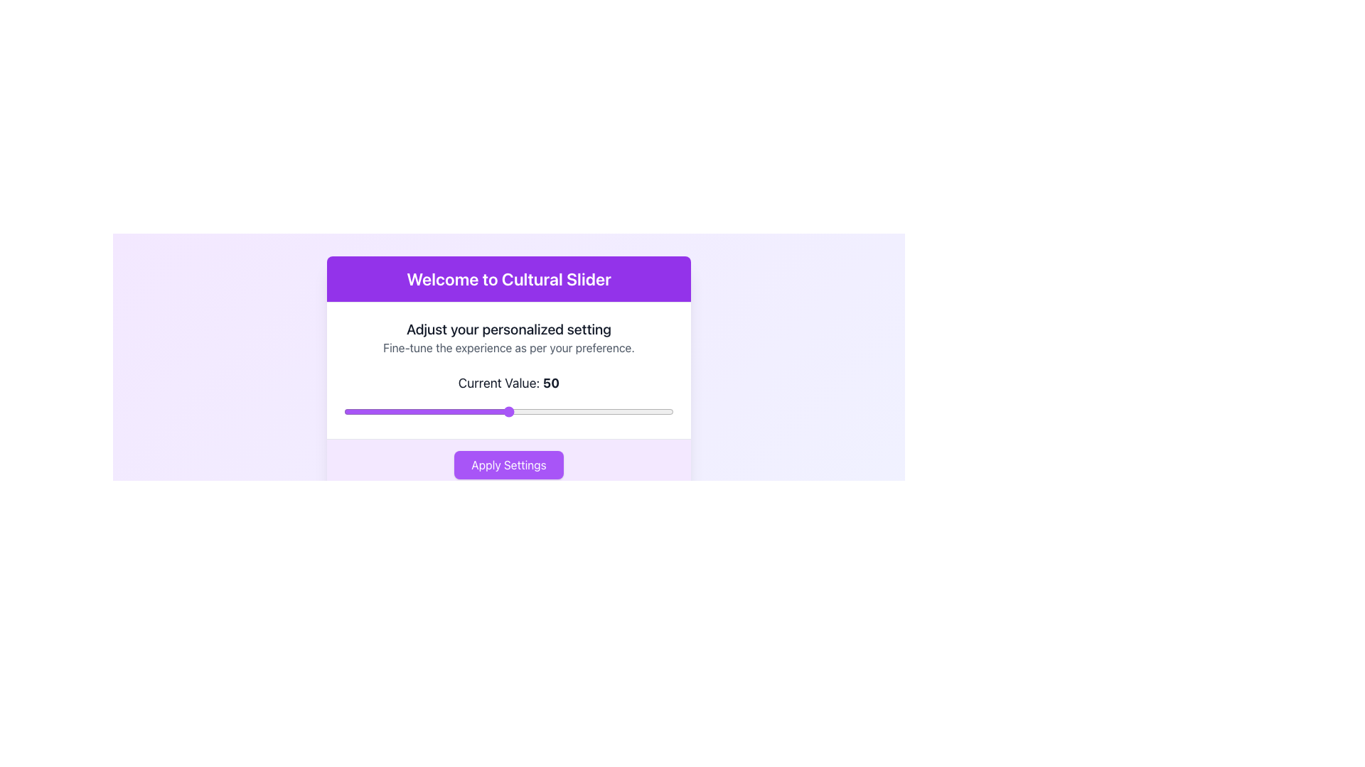 This screenshot has height=767, width=1365. What do you see at coordinates (637, 411) in the screenshot?
I see `the slider` at bounding box center [637, 411].